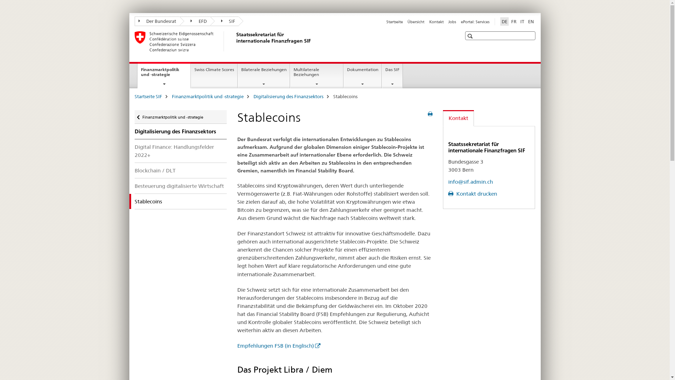 Image resolution: width=675 pixels, height=380 pixels. What do you see at coordinates (470, 181) in the screenshot?
I see `'info@sif.admin.ch'` at bounding box center [470, 181].